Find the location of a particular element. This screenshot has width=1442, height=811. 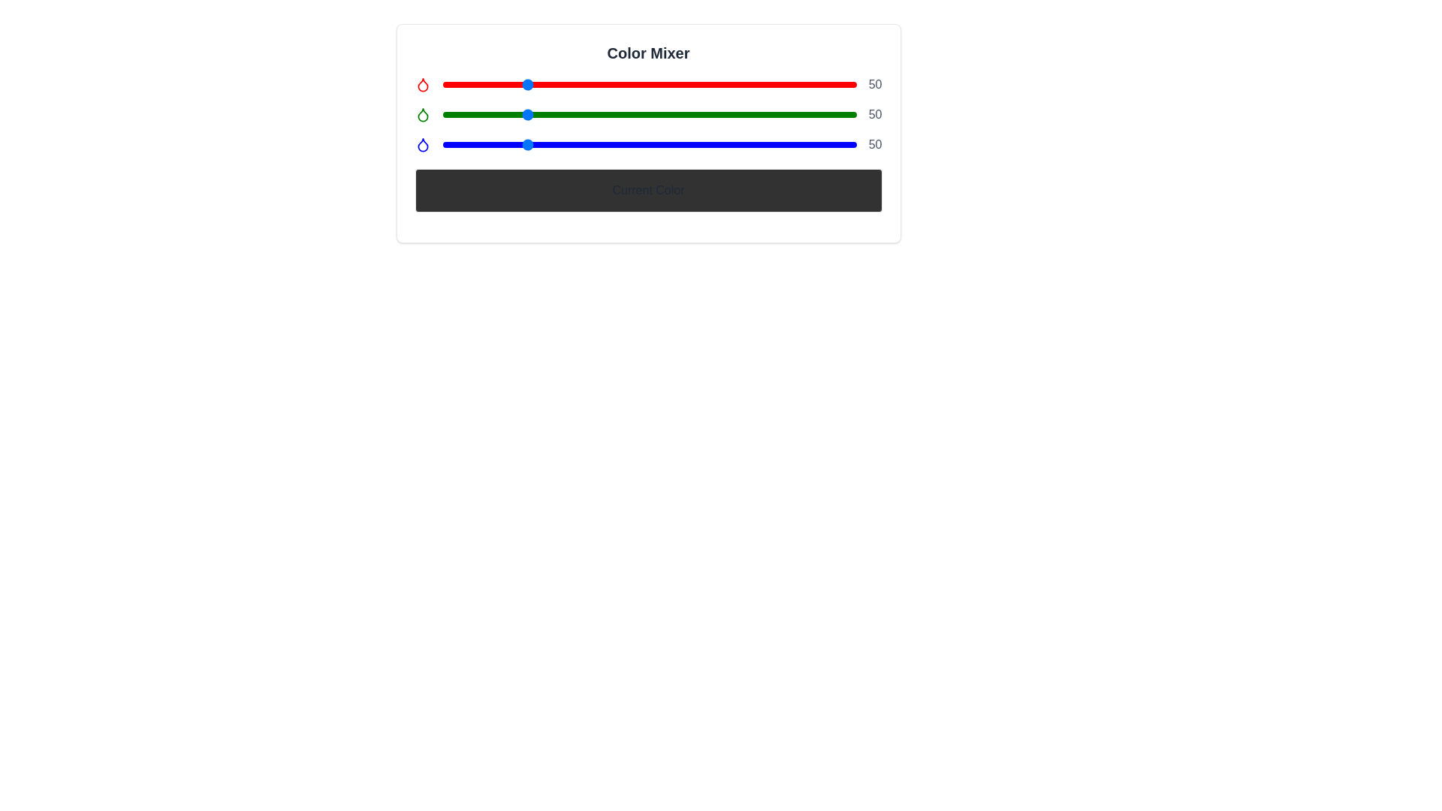

the green color slider to 13 is located at coordinates (463, 114).